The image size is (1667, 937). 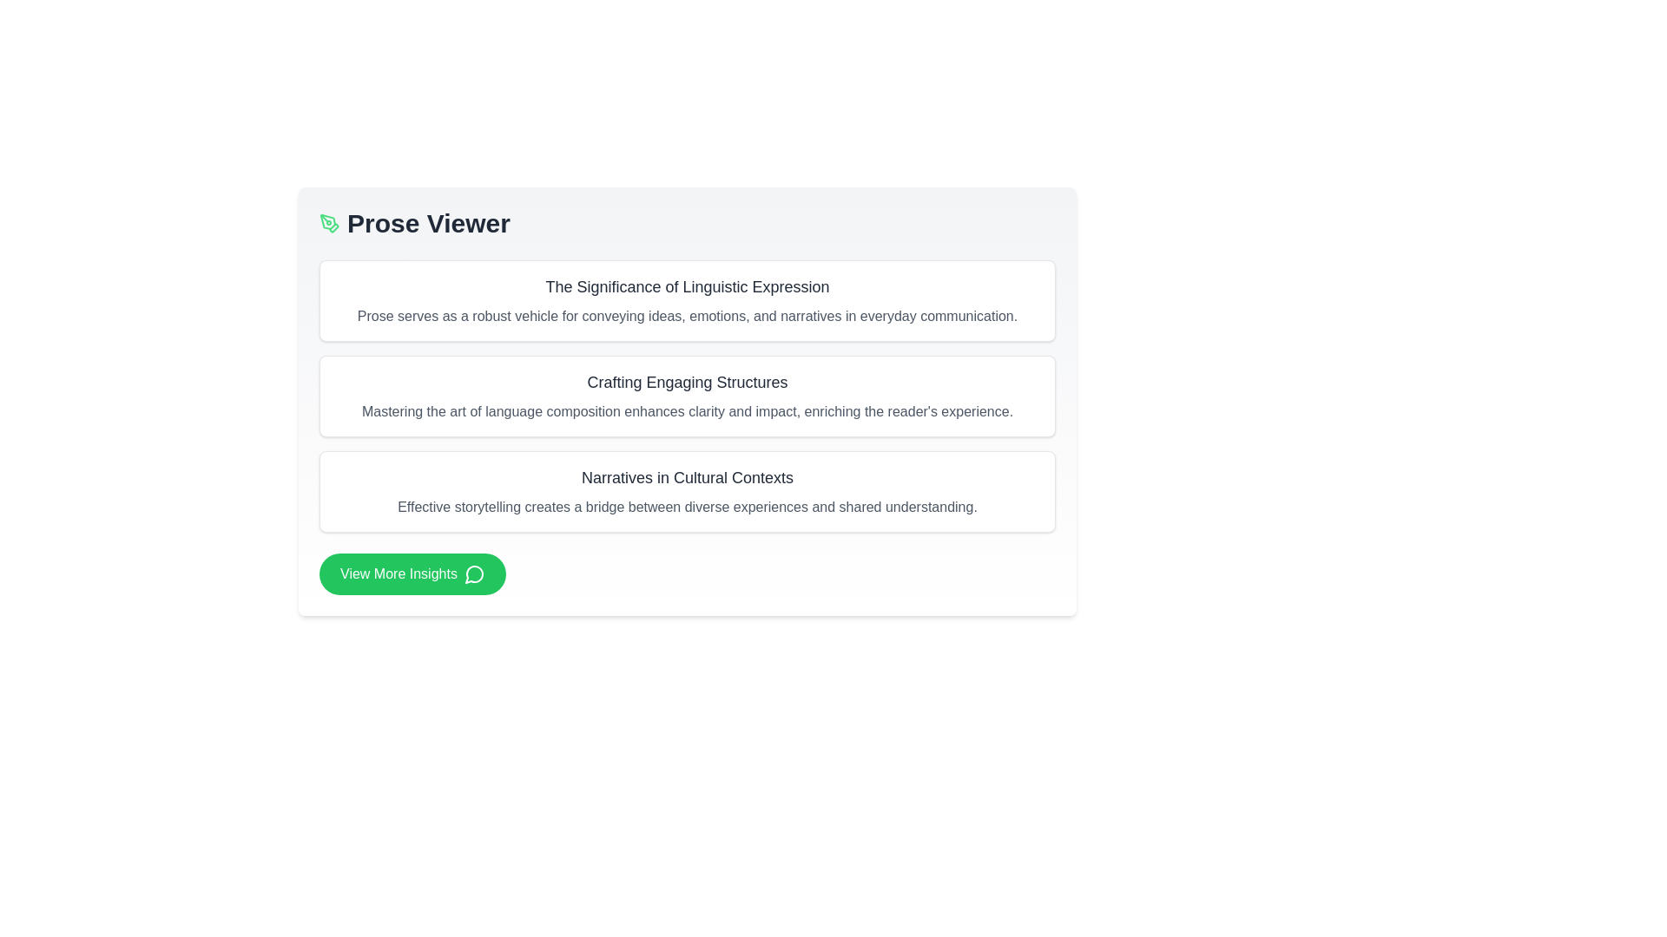 What do you see at coordinates (687, 223) in the screenshot?
I see `the heading element that reads 'Prose Viewer', styled with bold text and accompanied by a pen icon, located at the top of the content section` at bounding box center [687, 223].